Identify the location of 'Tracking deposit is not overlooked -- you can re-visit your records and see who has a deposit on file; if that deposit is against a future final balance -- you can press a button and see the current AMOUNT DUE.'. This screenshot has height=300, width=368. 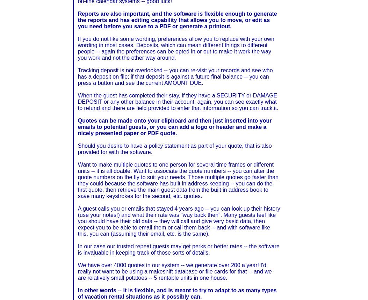
(175, 76).